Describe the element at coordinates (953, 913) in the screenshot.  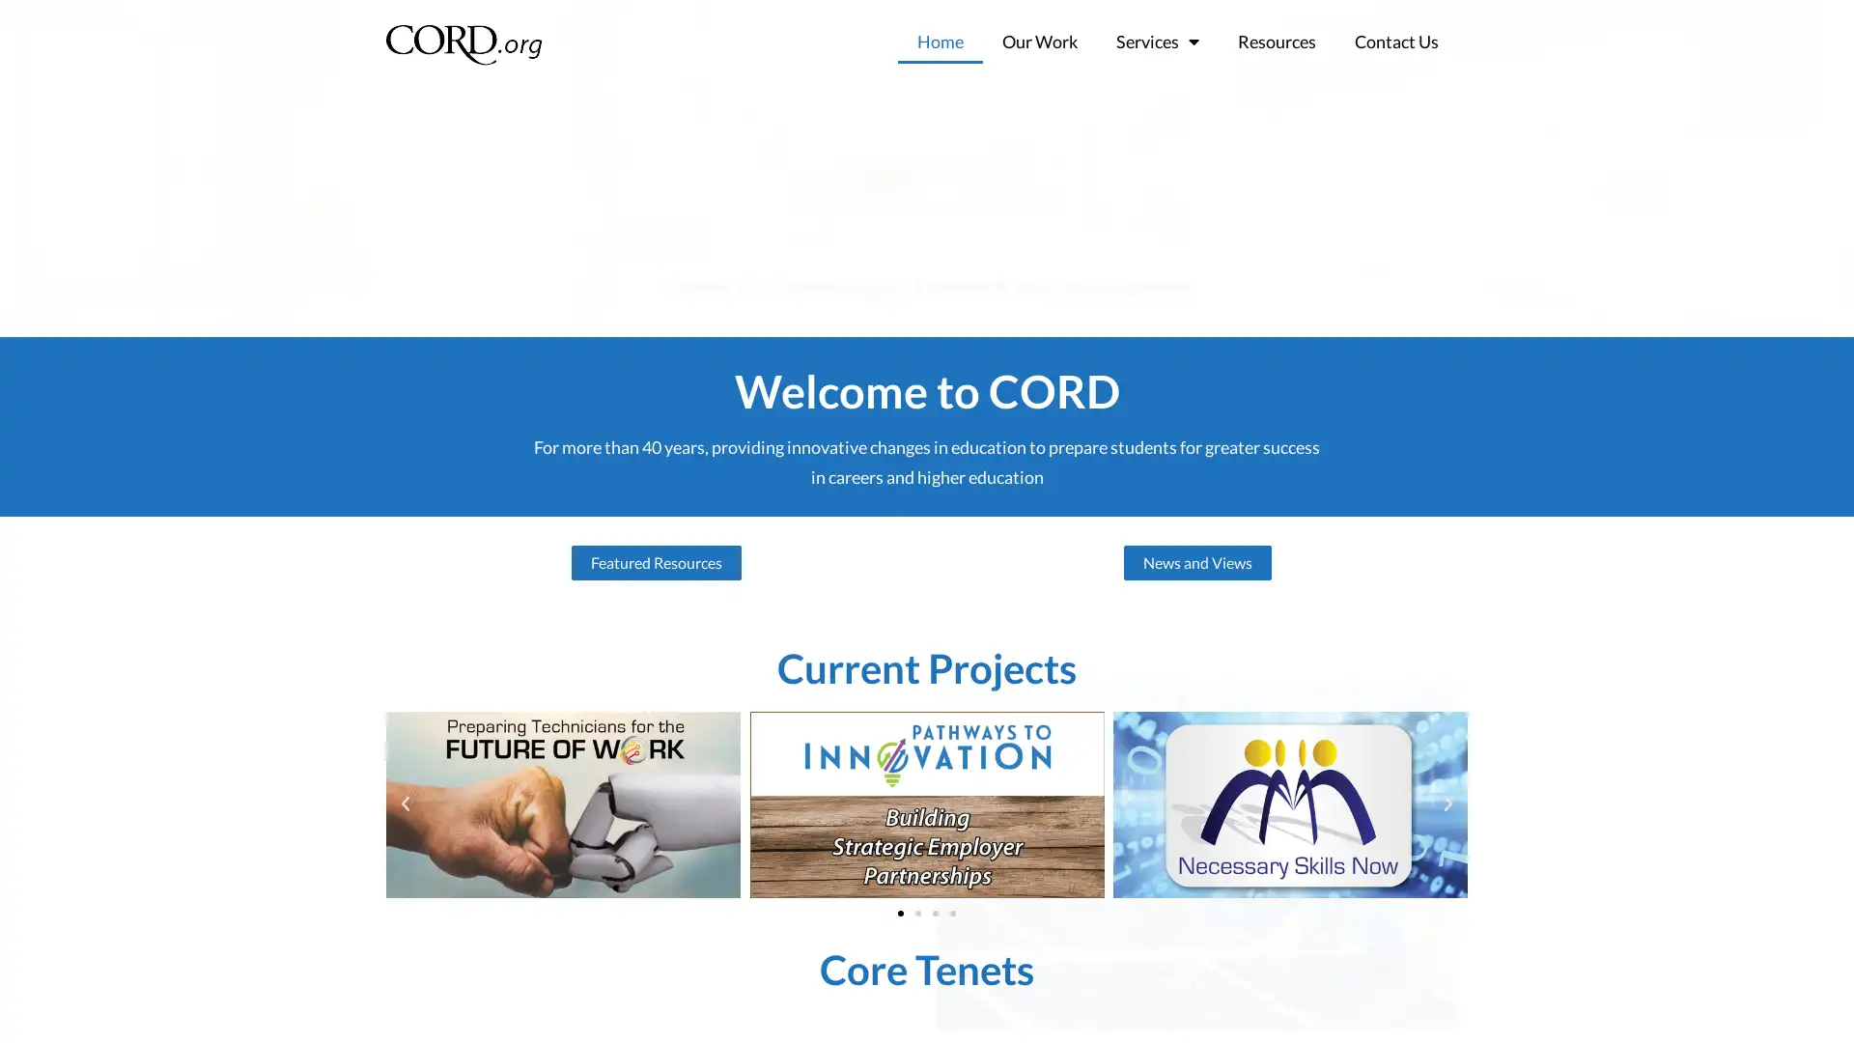
I see `Go to slide 4` at that location.